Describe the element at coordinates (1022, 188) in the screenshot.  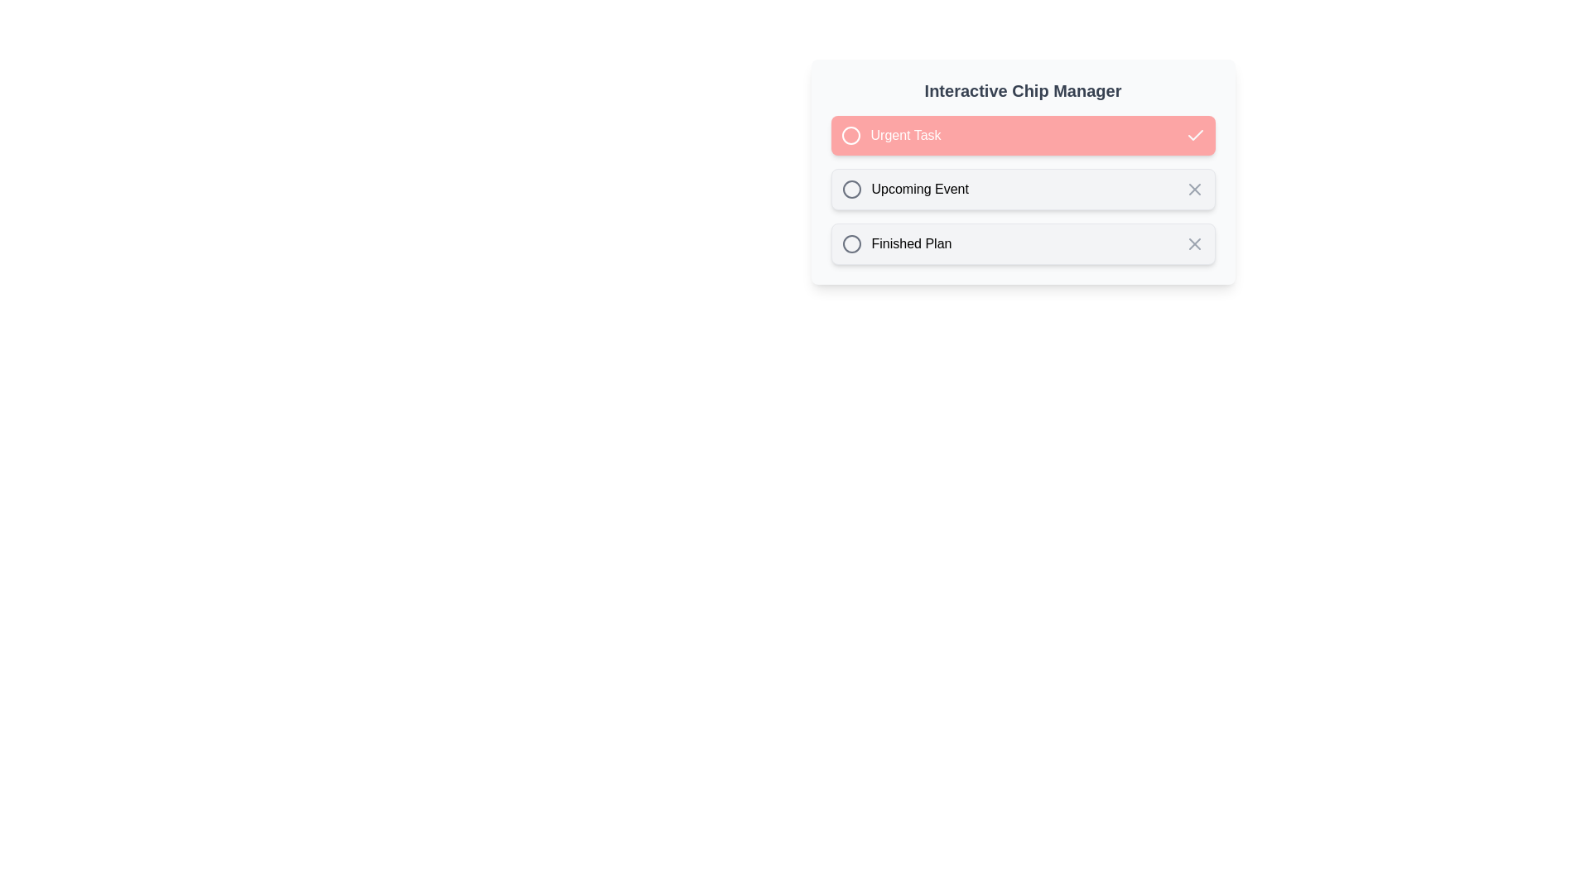
I see `the chip labeled Upcoming Event to toggle its selection state` at that location.